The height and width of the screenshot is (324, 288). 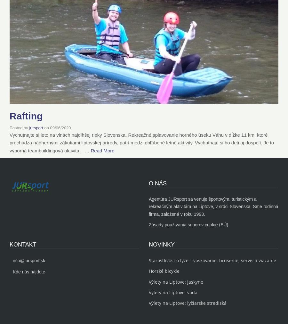 What do you see at coordinates (46, 127) in the screenshot?
I see `'on'` at bounding box center [46, 127].